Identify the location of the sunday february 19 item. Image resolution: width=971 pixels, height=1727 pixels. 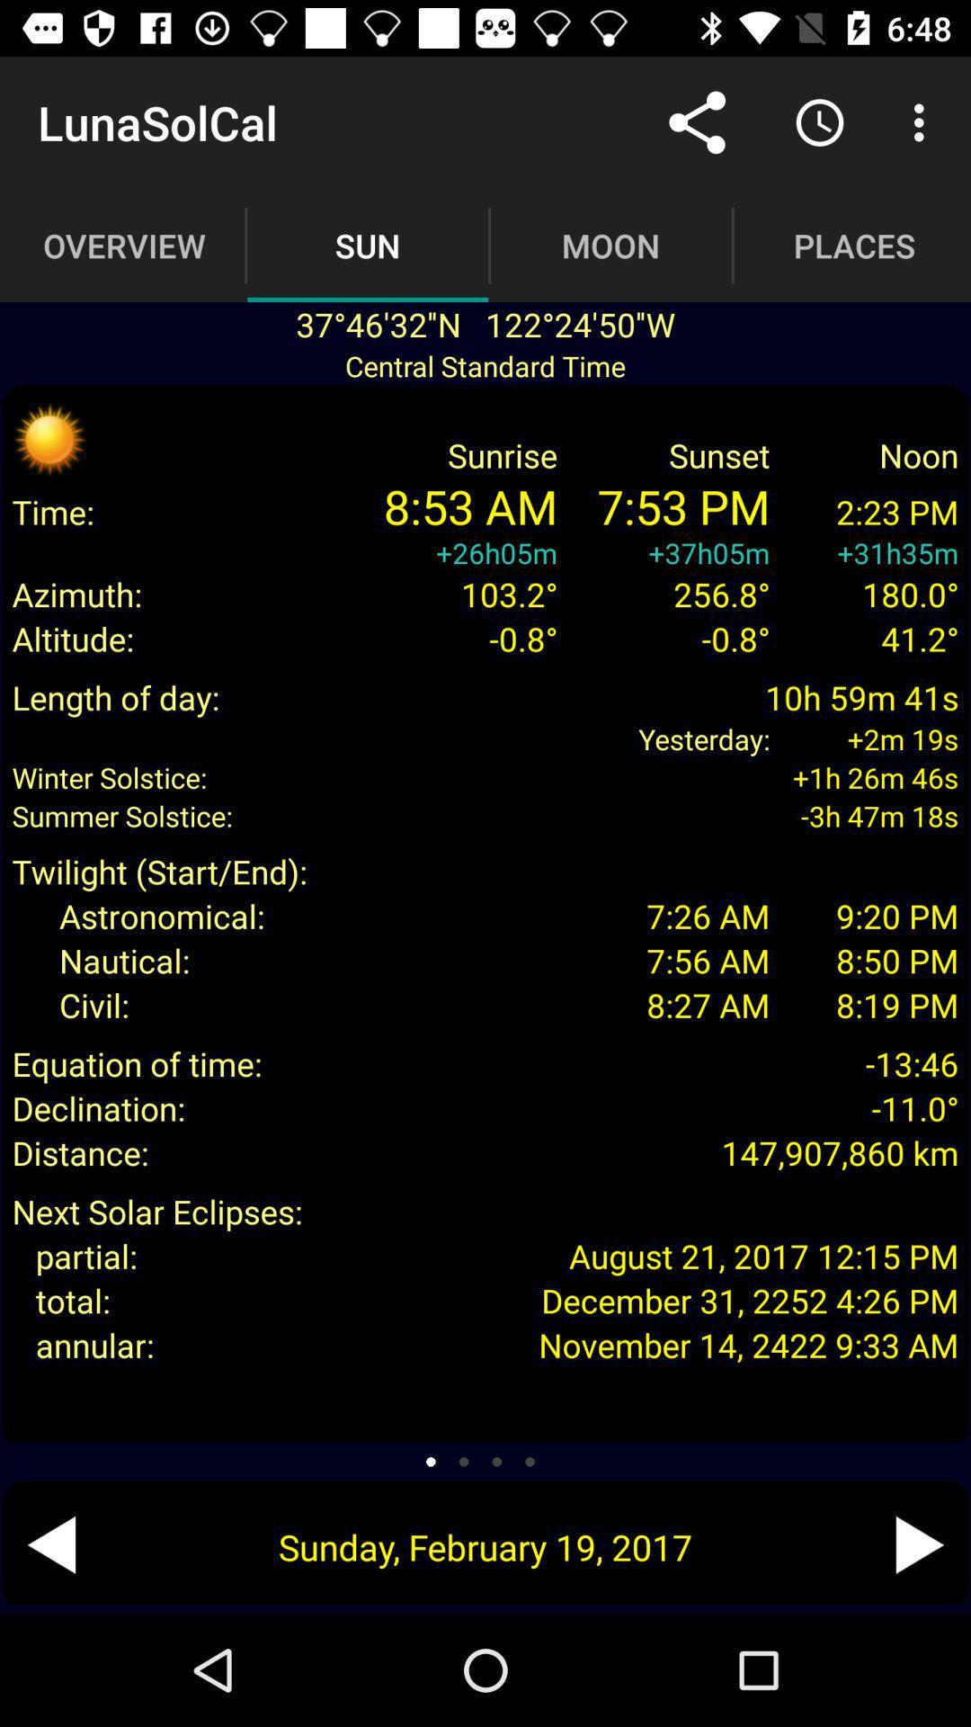
(485, 1546).